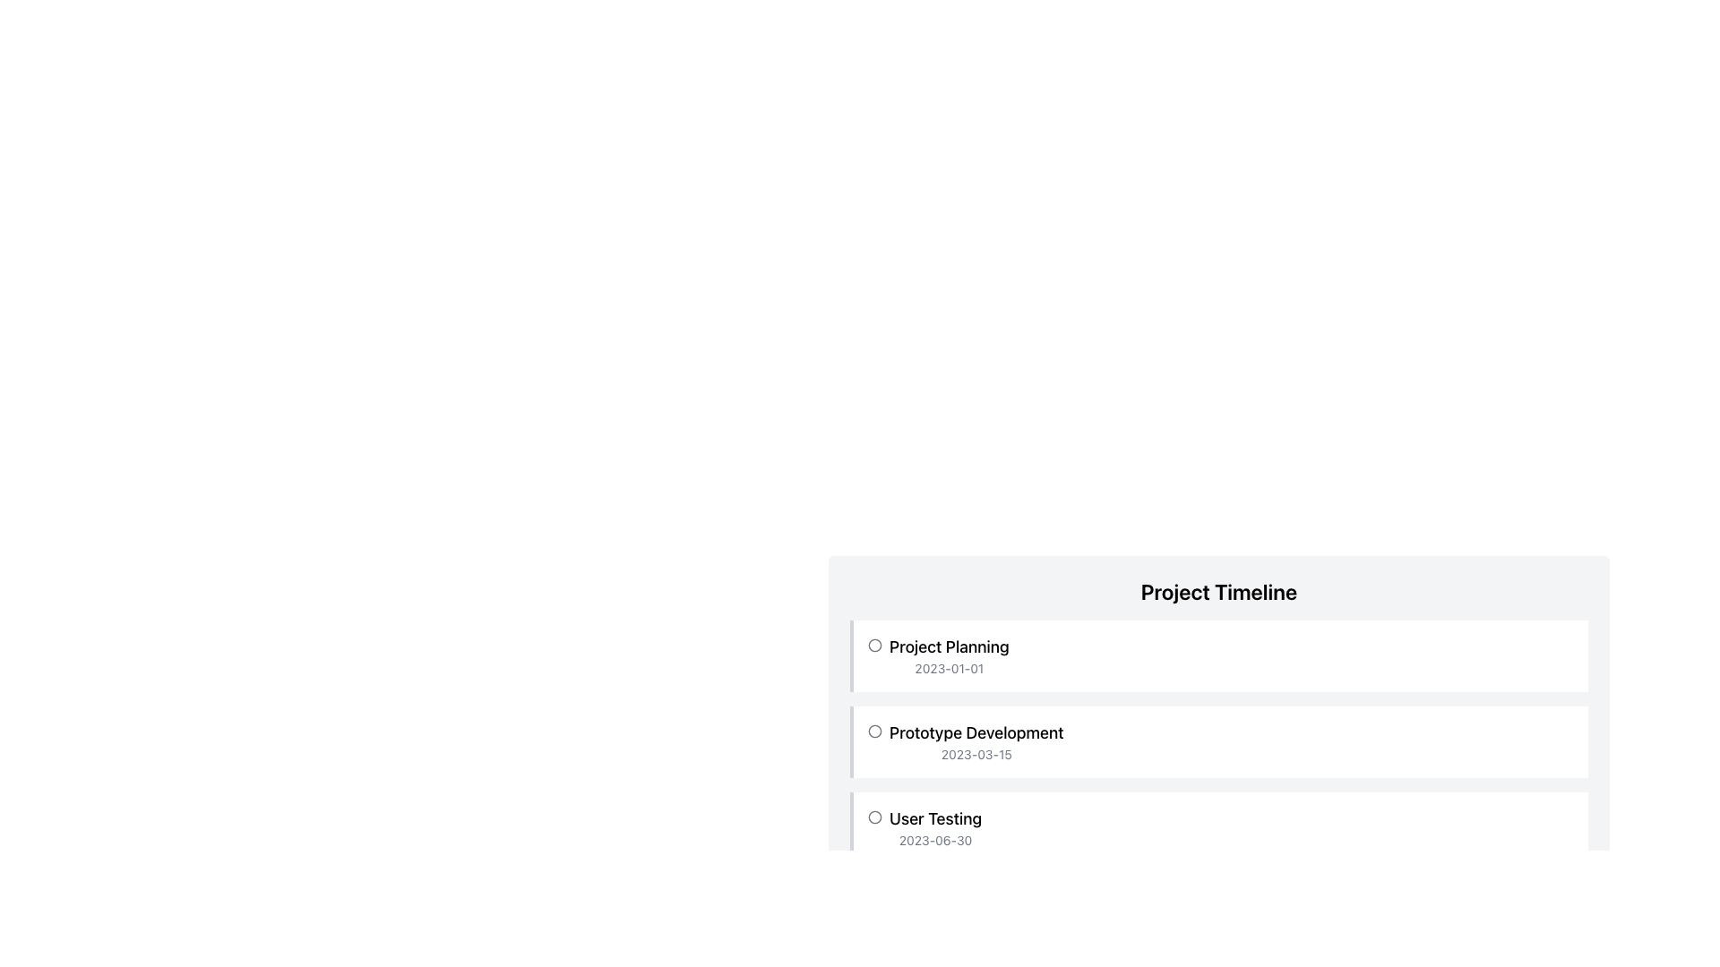 This screenshot has width=1720, height=967. What do you see at coordinates (875, 817) in the screenshot?
I see `the Circle Icon that serves as a marker for the 'User Testing' phase in the vertical timeline, located to the left of the 'User Testing' label` at bounding box center [875, 817].